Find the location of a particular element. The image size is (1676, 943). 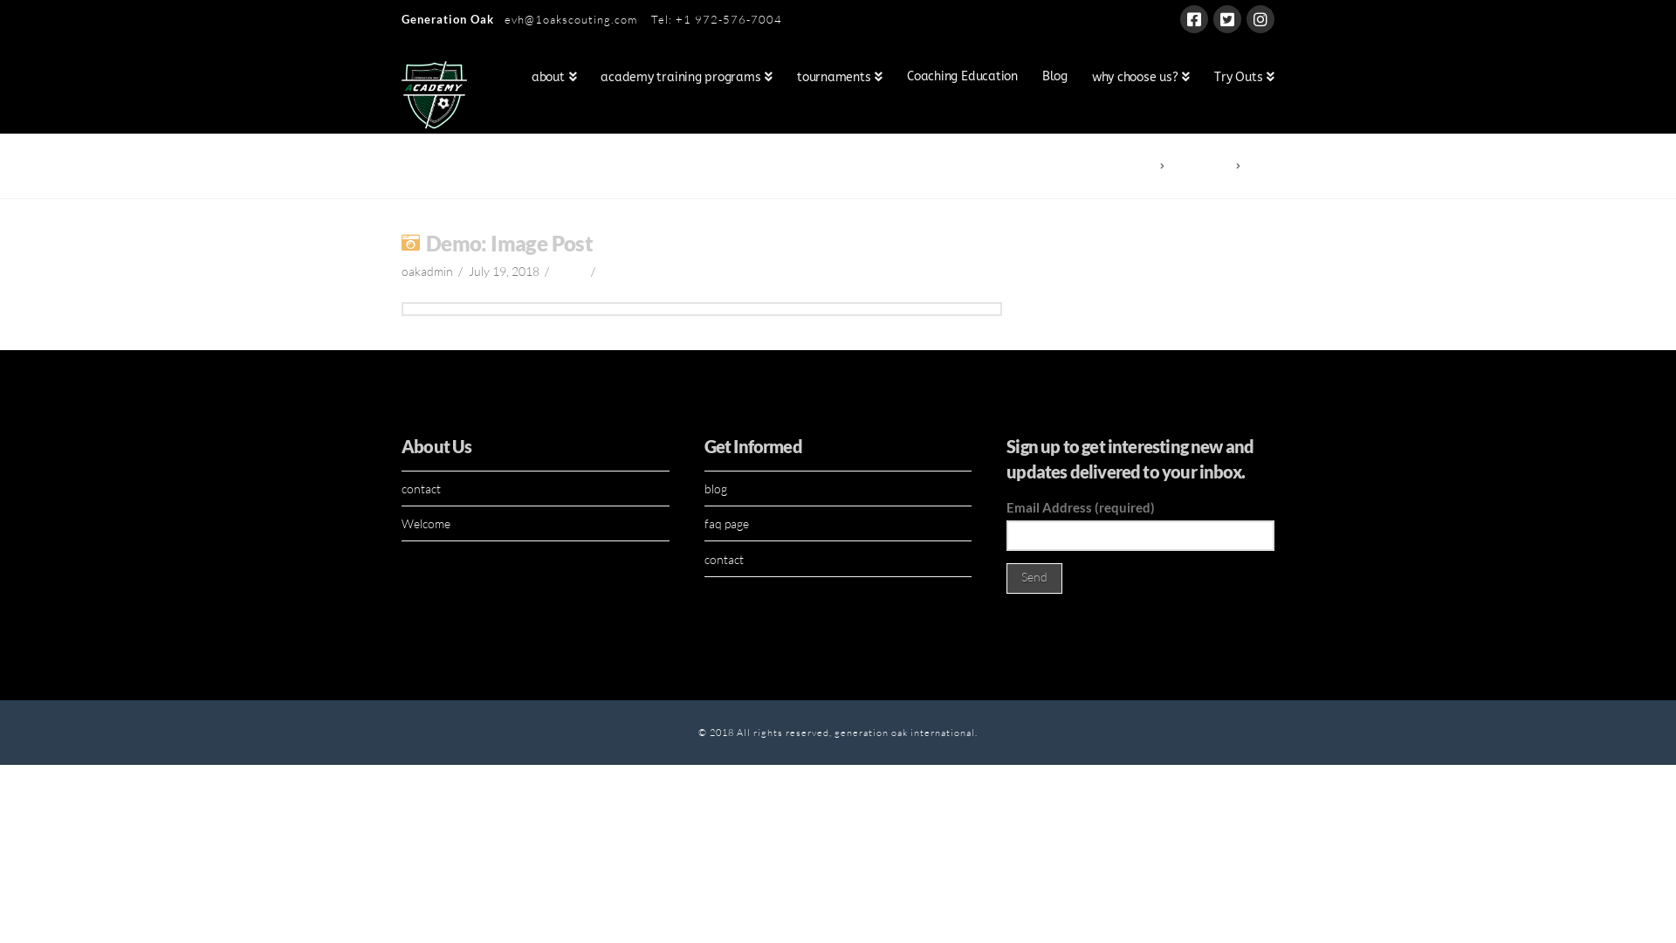

'Demo: Image Post' is located at coordinates (508, 243).